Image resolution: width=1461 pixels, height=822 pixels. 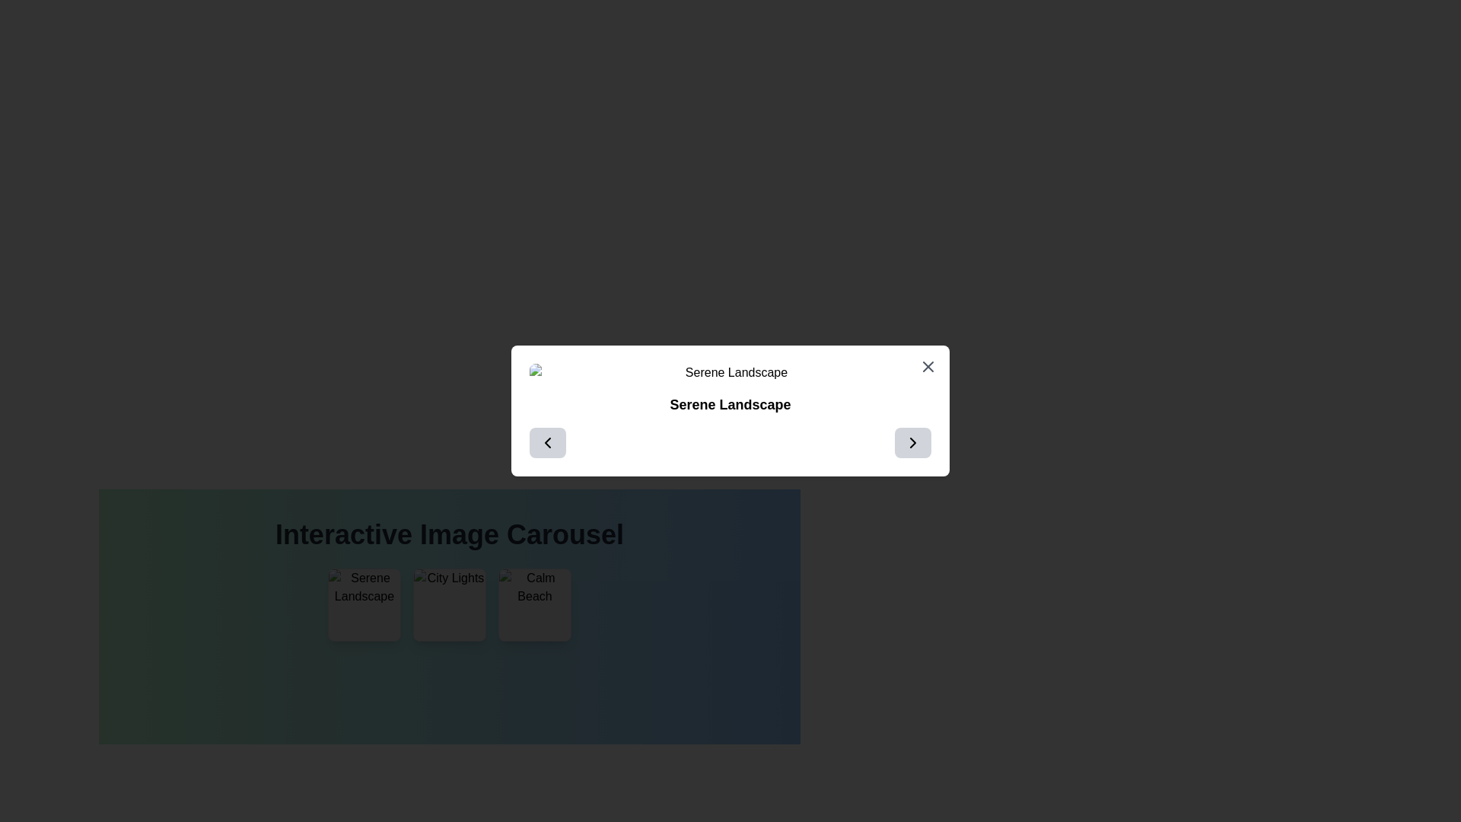 What do you see at coordinates (548, 443) in the screenshot?
I see `the left-facing chevron icon embedded in the button on the left side of the modal window` at bounding box center [548, 443].